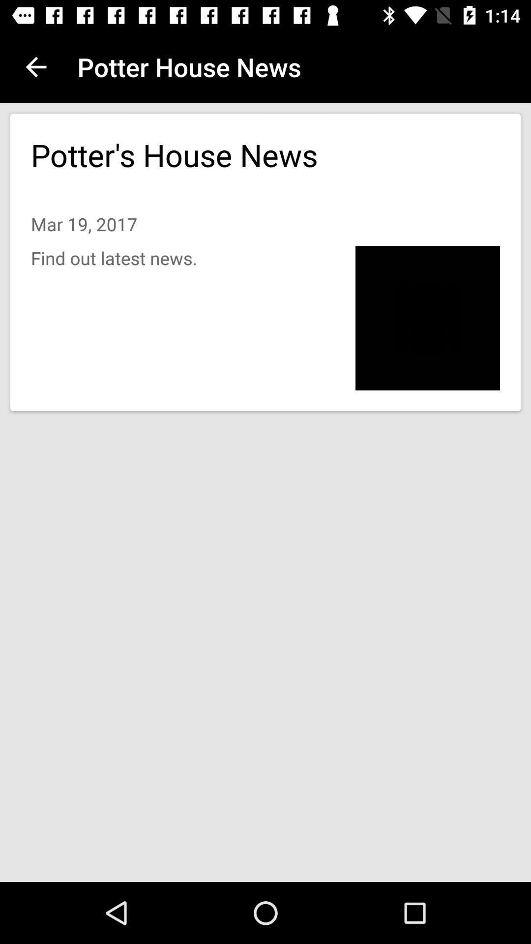 Image resolution: width=531 pixels, height=944 pixels. Describe the element at coordinates (35, 66) in the screenshot. I see `the item next to the potter house news icon` at that location.